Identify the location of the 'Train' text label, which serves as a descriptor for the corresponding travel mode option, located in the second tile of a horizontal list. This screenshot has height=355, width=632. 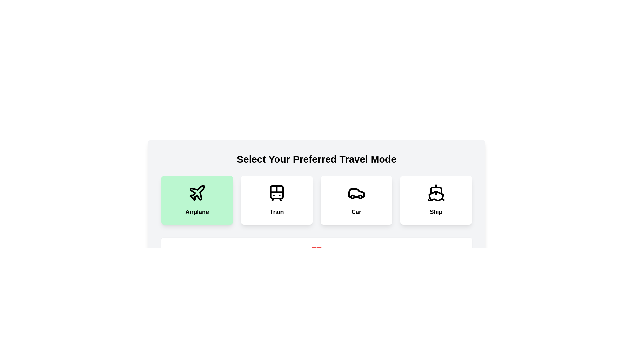
(276, 212).